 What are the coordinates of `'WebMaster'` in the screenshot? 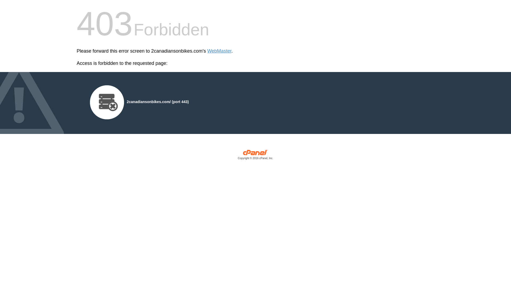 It's located at (219, 51).